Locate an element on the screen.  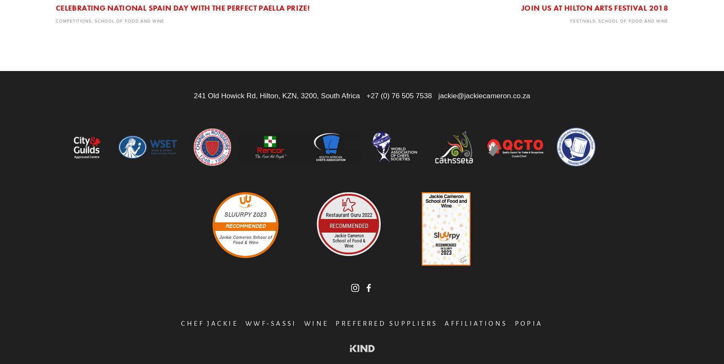
'POPIA' is located at coordinates (514, 322).